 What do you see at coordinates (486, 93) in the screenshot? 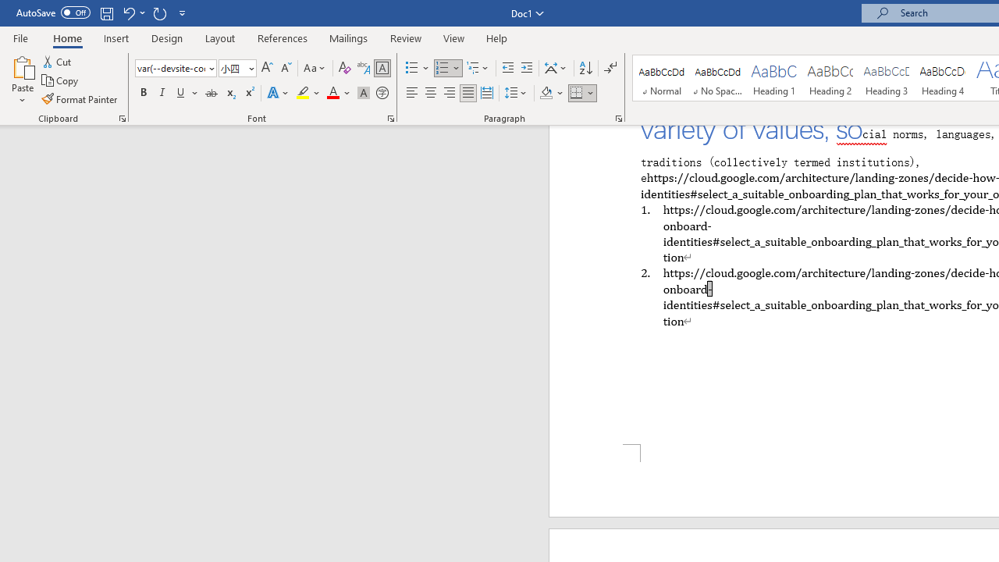
I see `'Distributed'` at bounding box center [486, 93].